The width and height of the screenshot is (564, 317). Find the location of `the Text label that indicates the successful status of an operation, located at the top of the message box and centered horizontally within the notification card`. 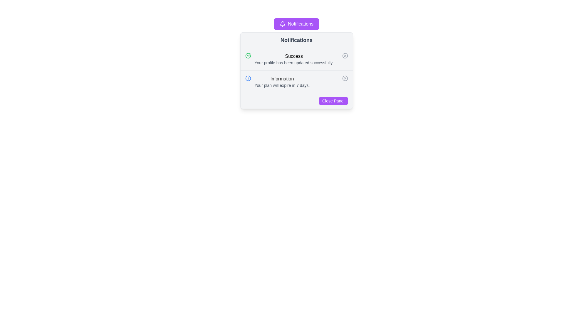

the Text label that indicates the successful status of an operation, located at the top of the message box and centered horizontally within the notification card is located at coordinates (294, 56).